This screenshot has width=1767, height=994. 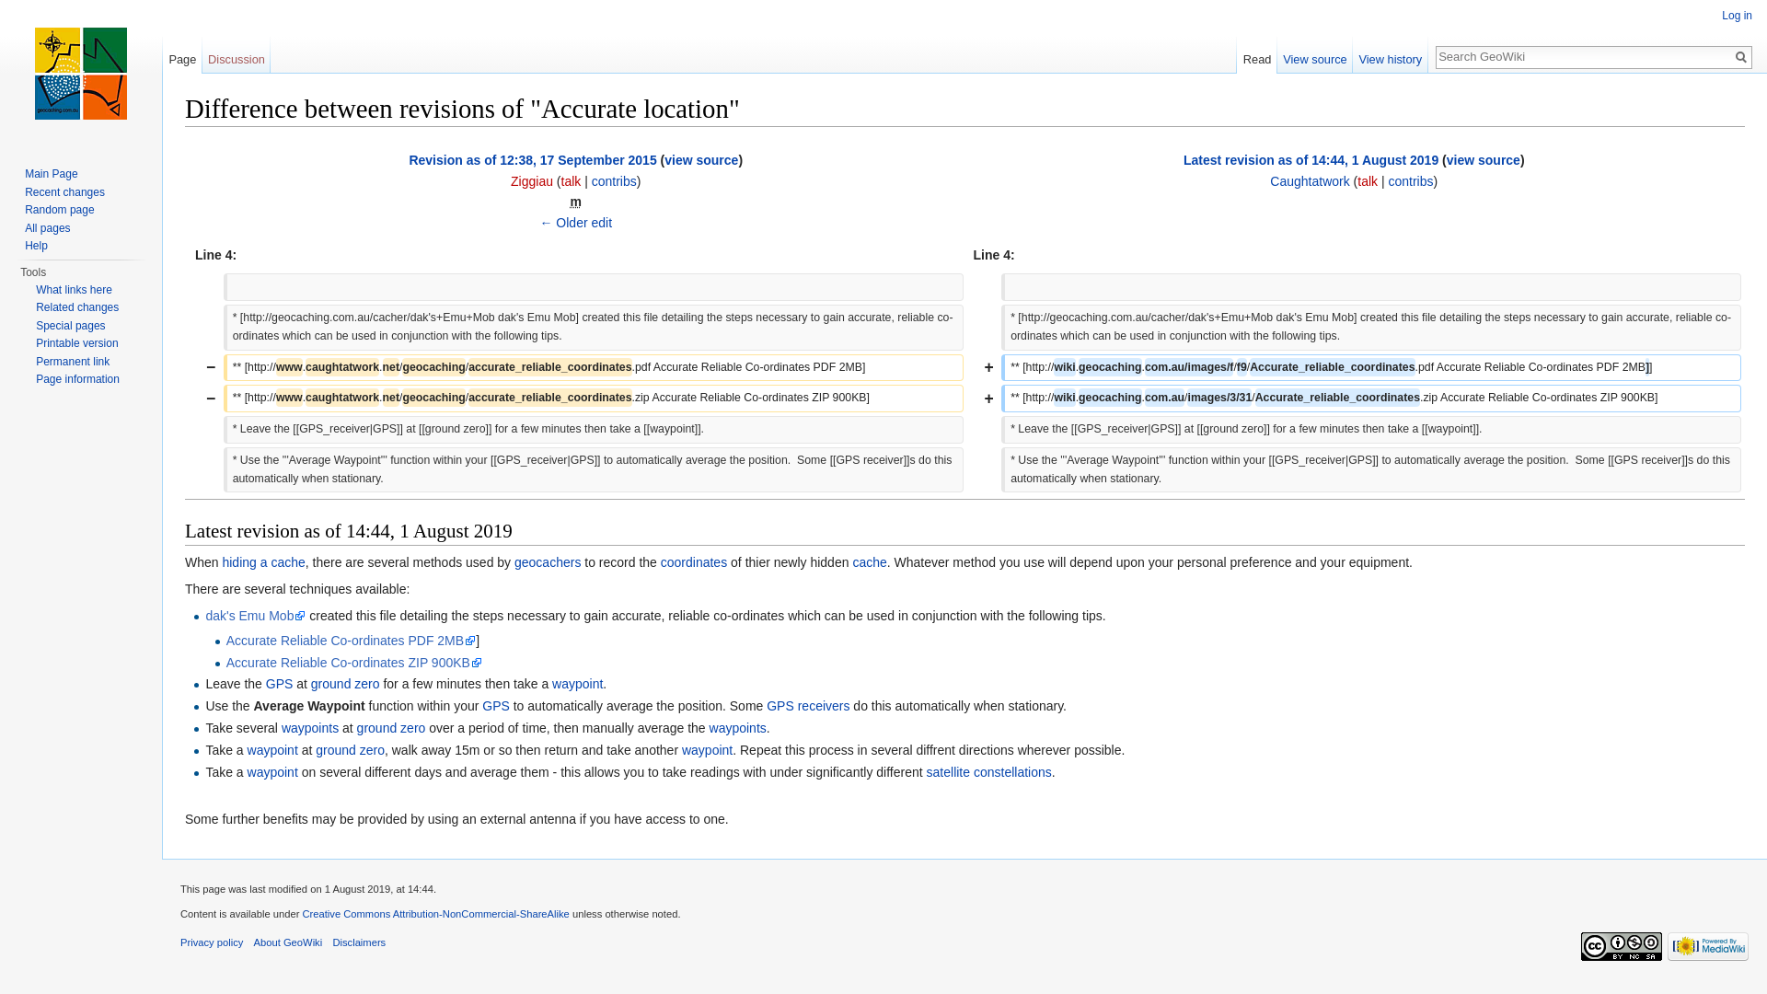 I want to click on 'contribs', so click(x=1409, y=180).